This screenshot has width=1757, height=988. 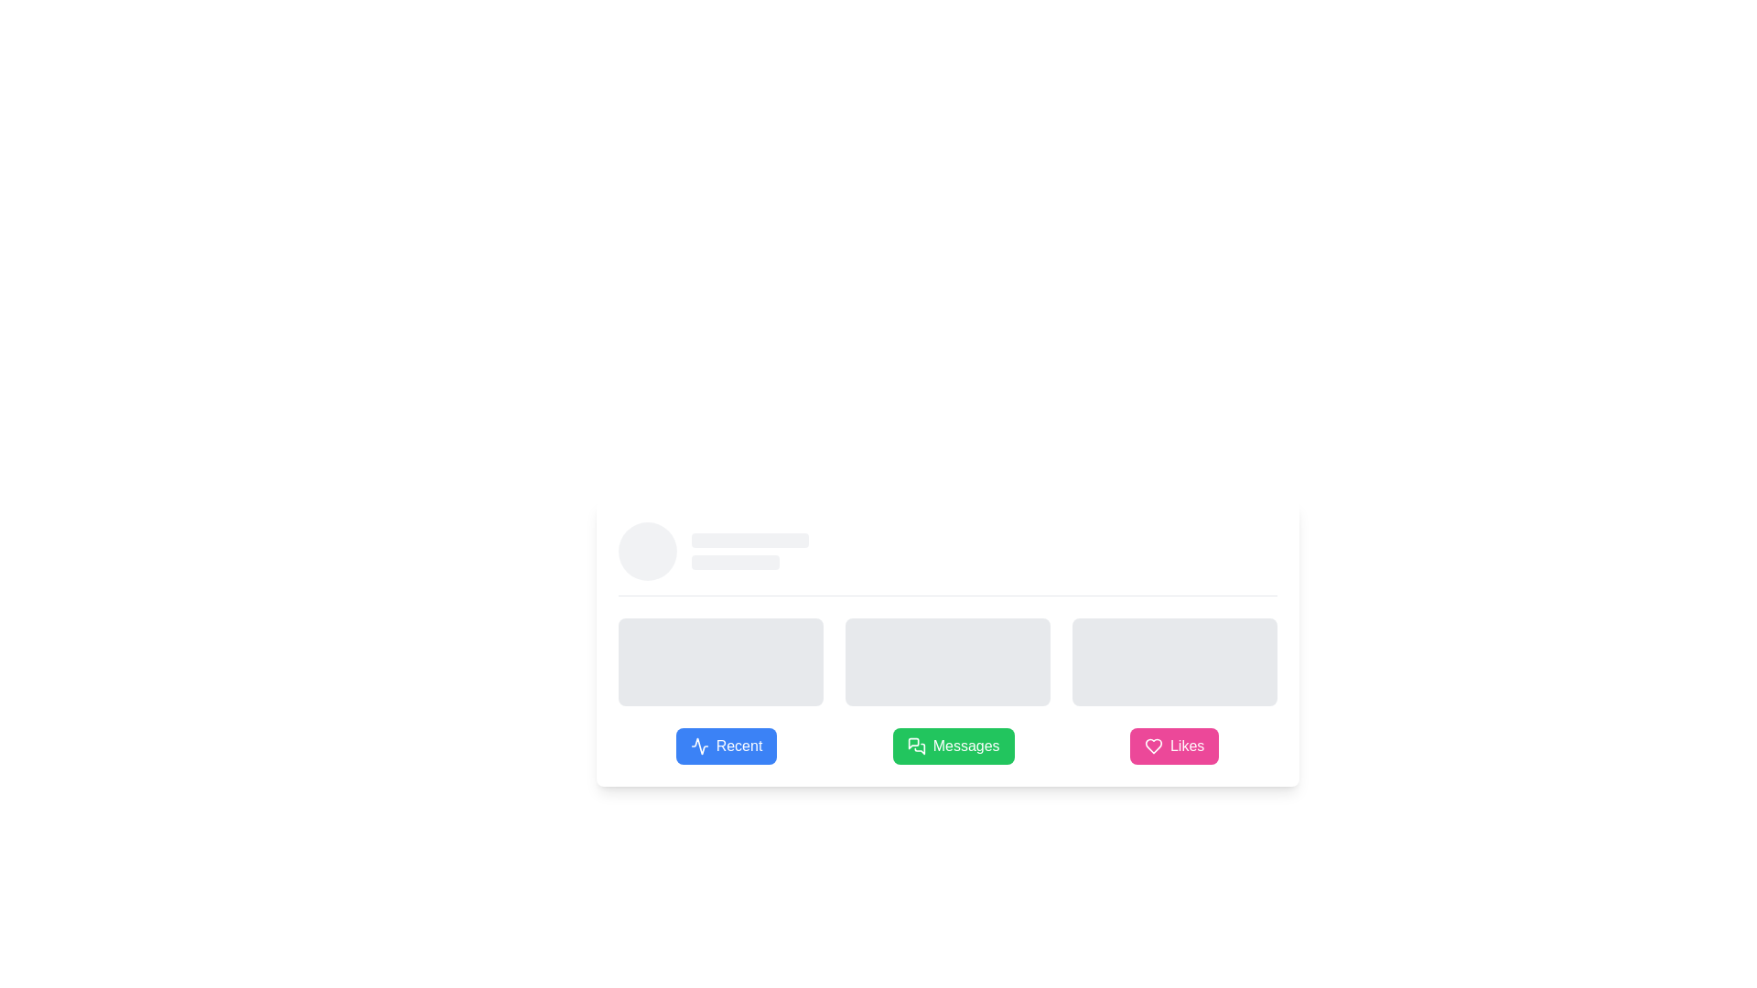 I want to click on the heart-shaped icon that represents a 'like' action, located to the left of the 'Likes' button with a pink background, so click(x=1152, y=746).